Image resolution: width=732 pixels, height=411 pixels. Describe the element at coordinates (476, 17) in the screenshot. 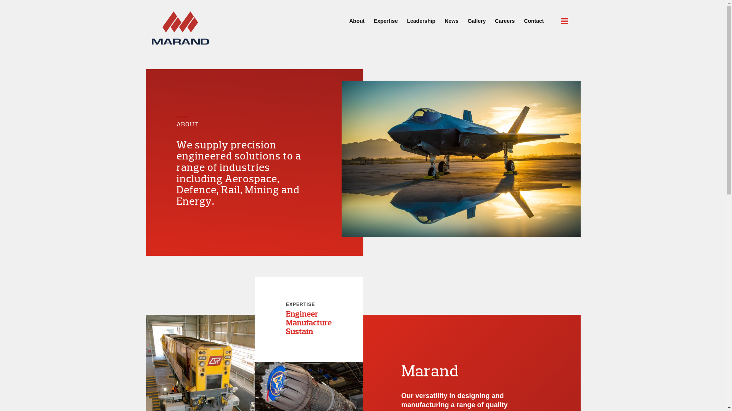

I see `'Gallery'` at that location.